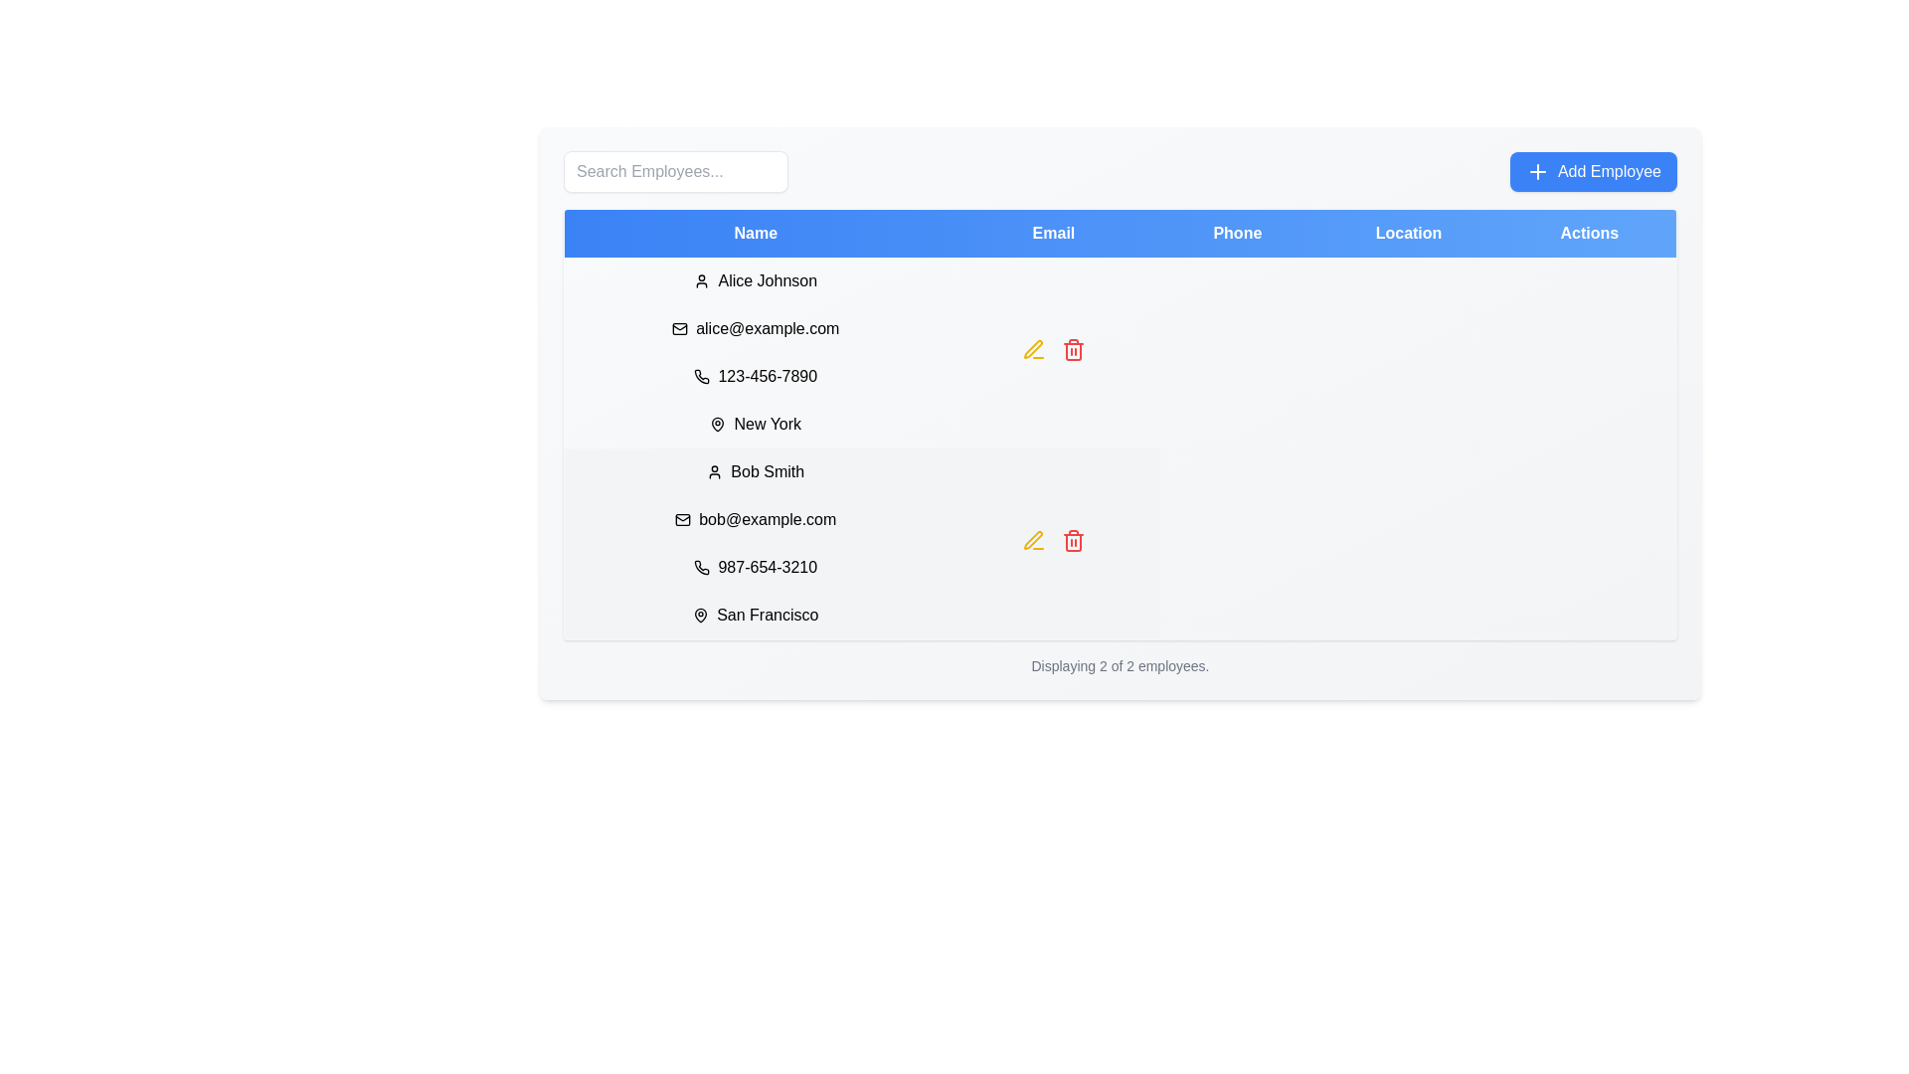 The width and height of the screenshot is (1909, 1074). What do you see at coordinates (755, 424) in the screenshot?
I see `the 'New York' location information displayed in the fourth row under the 'Location' column of the table, associated with 'Alice Johnson'` at bounding box center [755, 424].